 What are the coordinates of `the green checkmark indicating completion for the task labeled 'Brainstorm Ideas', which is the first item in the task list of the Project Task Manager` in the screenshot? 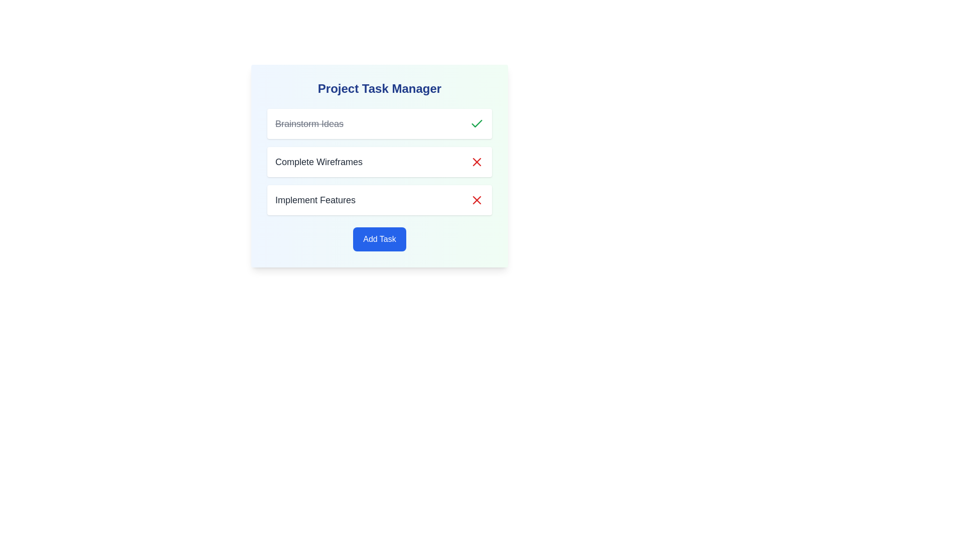 It's located at (379, 123).